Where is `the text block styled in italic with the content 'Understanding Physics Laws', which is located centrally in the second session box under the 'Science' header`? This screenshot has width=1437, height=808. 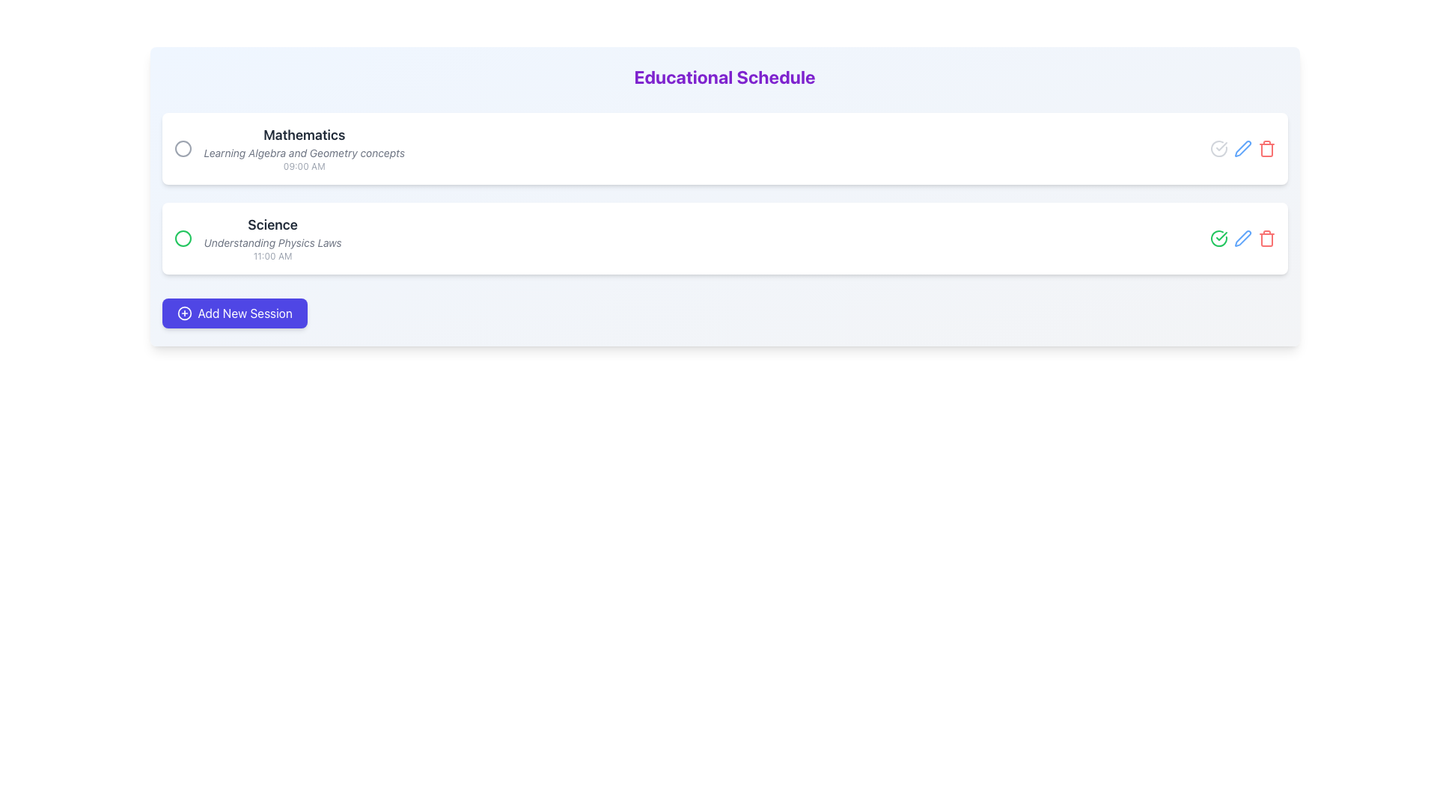 the text block styled in italic with the content 'Understanding Physics Laws', which is located centrally in the second session box under the 'Science' header is located at coordinates (272, 242).